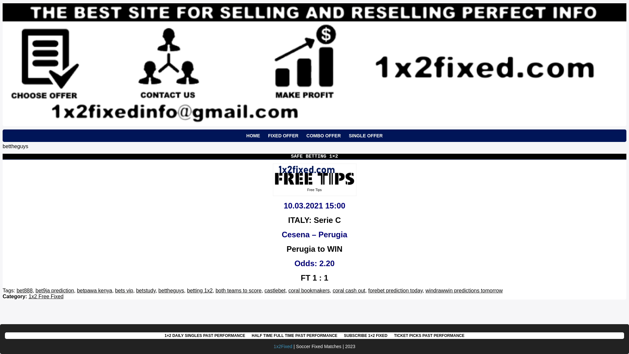  I want to click on 'bettheguys', so click(171, 290).